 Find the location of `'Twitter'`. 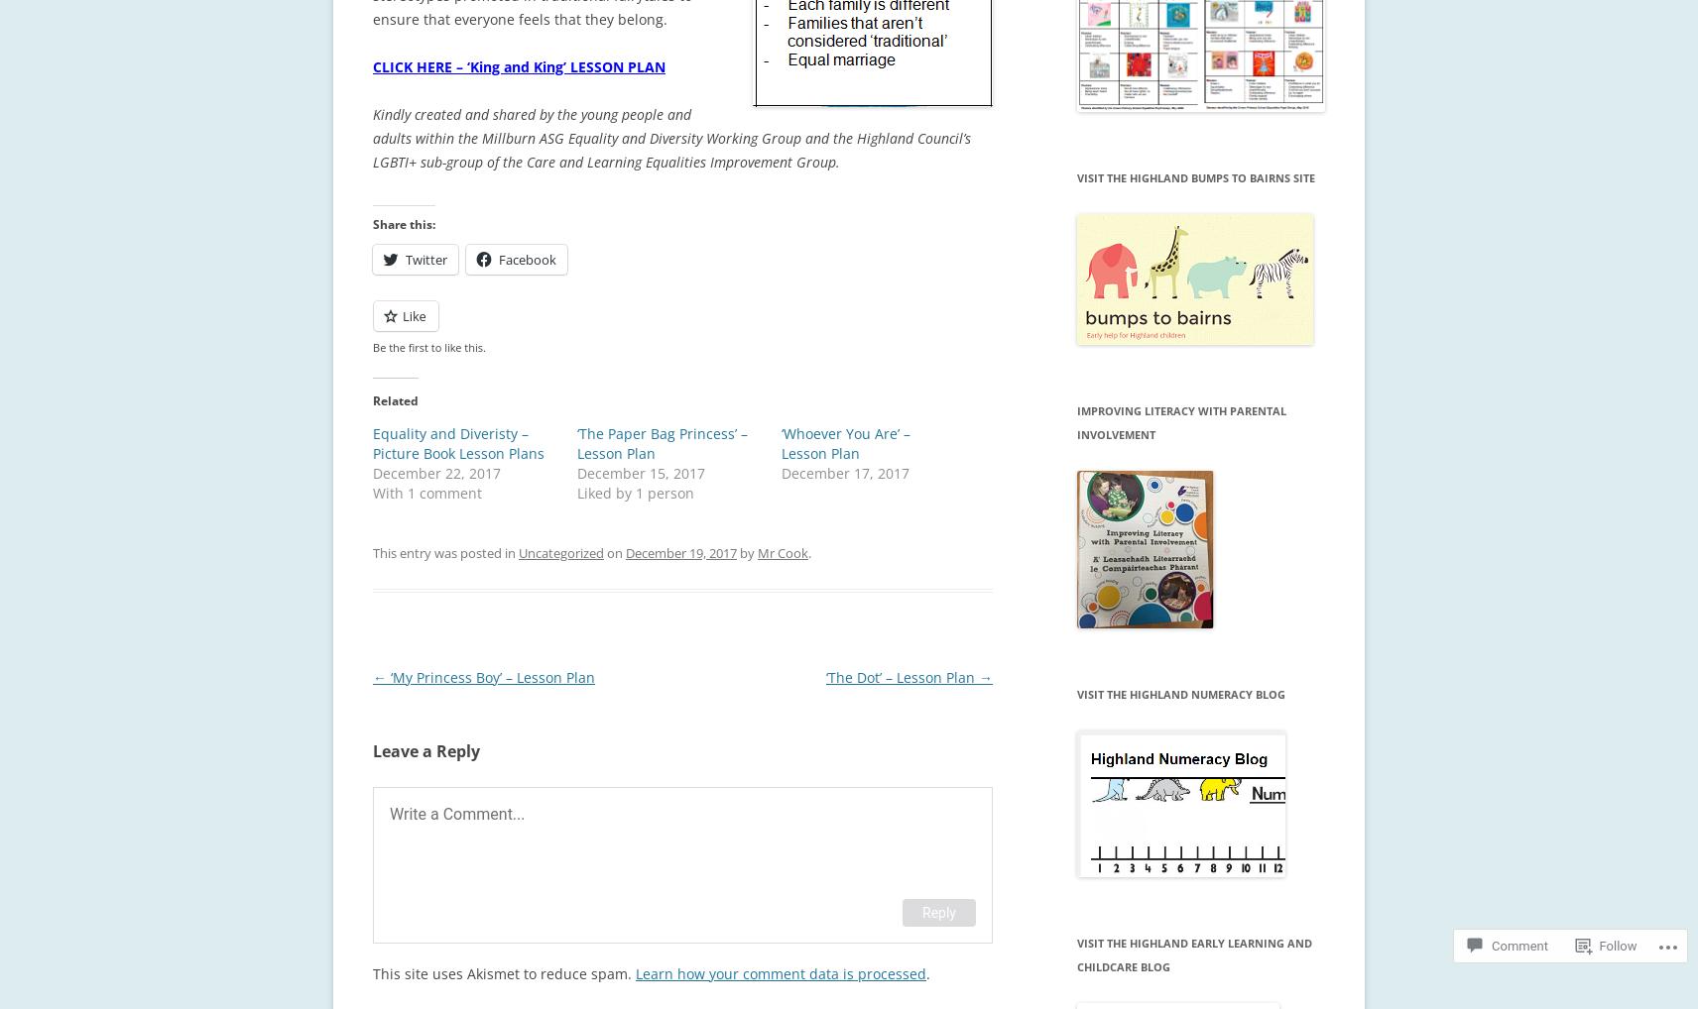

'Twitter' is located at coordinates (425, 259).